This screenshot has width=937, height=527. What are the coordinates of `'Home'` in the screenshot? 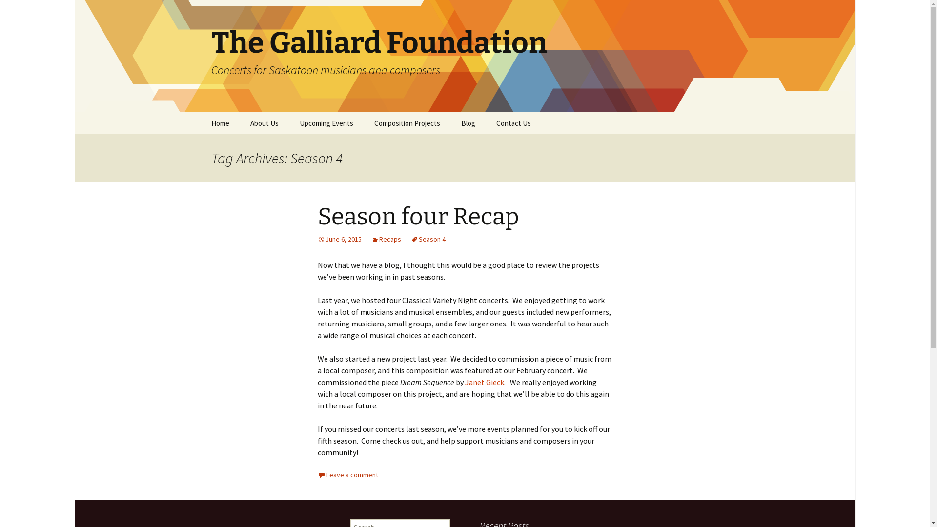 It's located at (201, 122).